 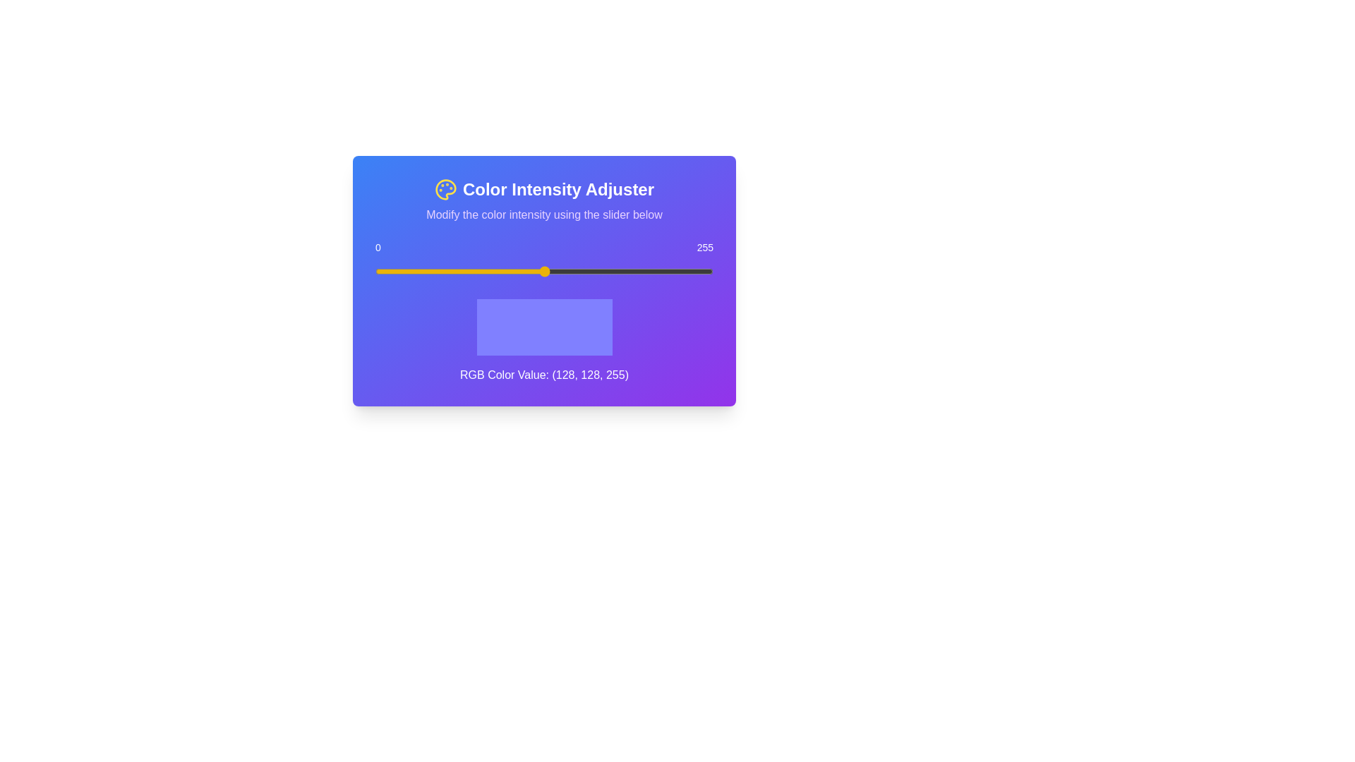 What do you see at coordinates (603, 272) in the screenshot?
I see `the slider to set the color intensity to 172` at bounding box center [603, 272].